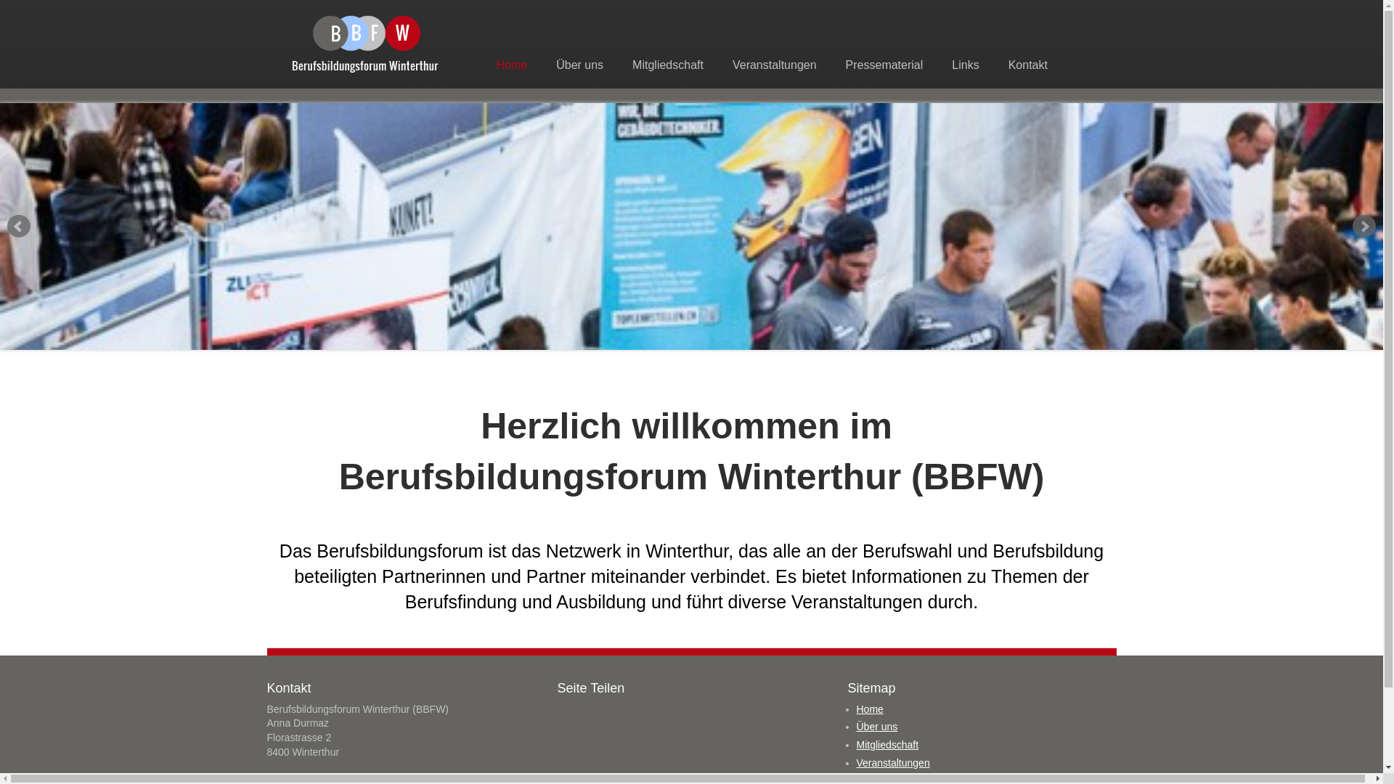  I want to click on 'Veranstaltungen', so click(773, 64).